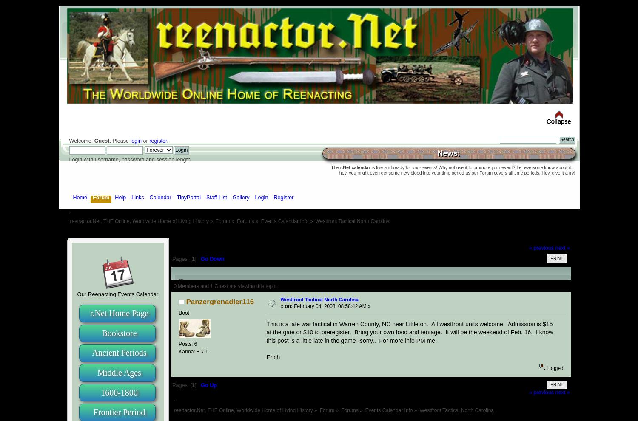 Image resolution: width=638 pixels, height=421 pixels. Describe the element at coordinates (145, 141) in the screenshot. I see `'or'` at that location.